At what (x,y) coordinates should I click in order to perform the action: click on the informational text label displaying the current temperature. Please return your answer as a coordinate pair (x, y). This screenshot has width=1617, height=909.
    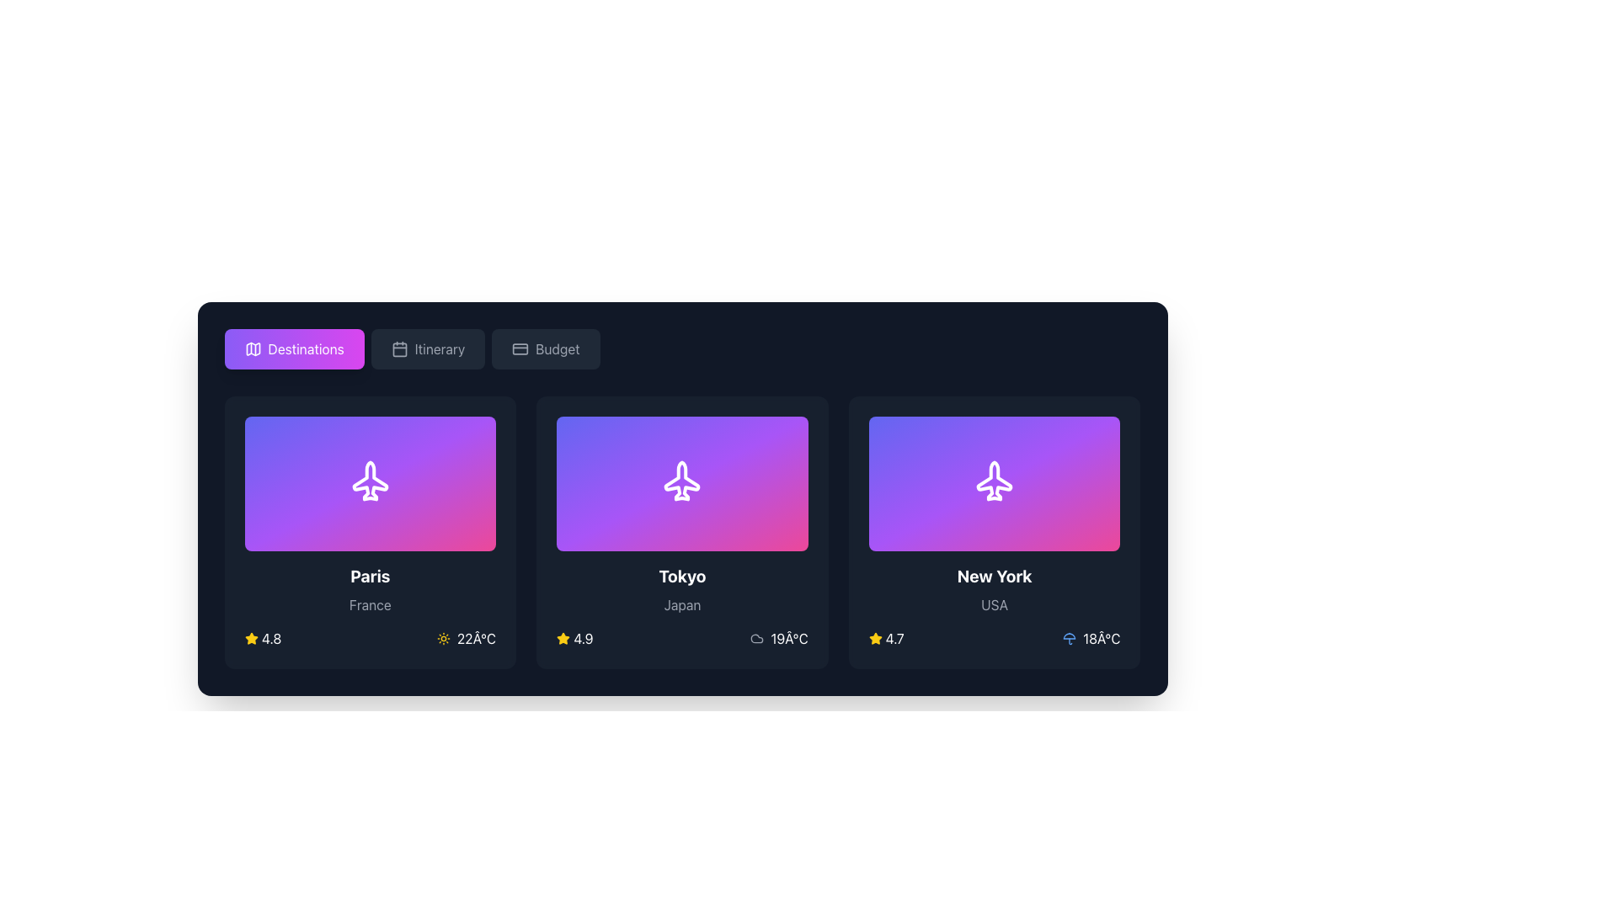
    Looking at the image, I should click on (467, 639).